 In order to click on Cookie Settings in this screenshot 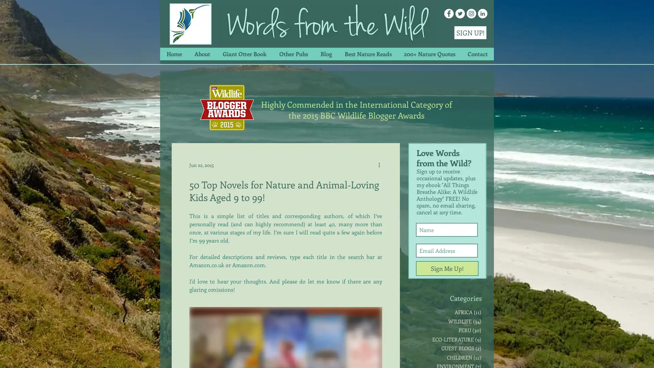, I will do `click(580, 356)`.